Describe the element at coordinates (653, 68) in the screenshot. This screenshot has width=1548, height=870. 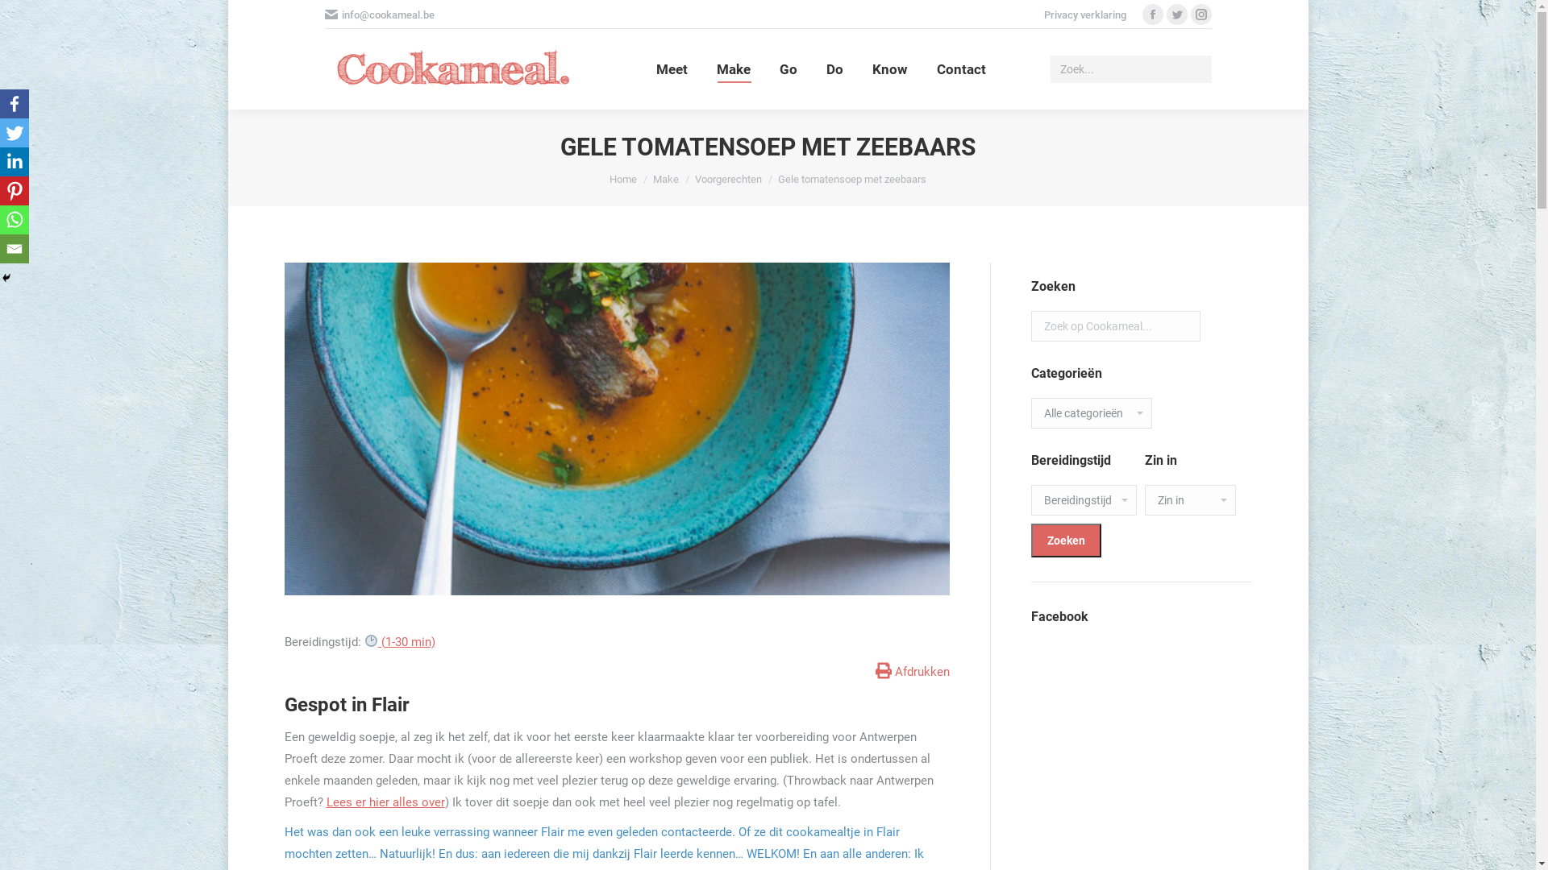
I see `'Meet'` at that location.